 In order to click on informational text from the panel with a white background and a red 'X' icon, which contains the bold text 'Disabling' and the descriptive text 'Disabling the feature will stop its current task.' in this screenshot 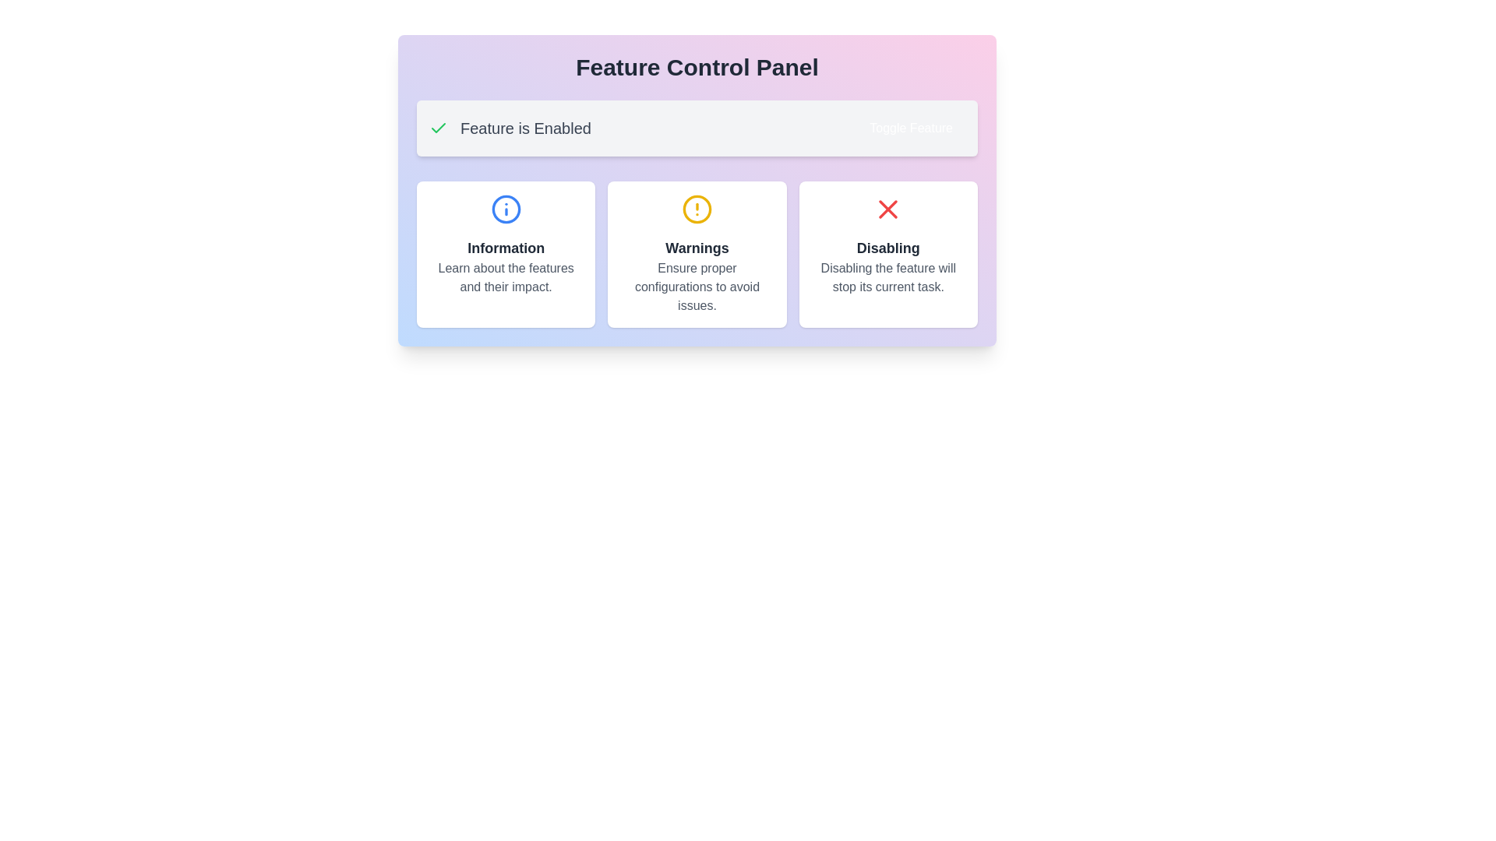, I will do `click(888, 254)`.